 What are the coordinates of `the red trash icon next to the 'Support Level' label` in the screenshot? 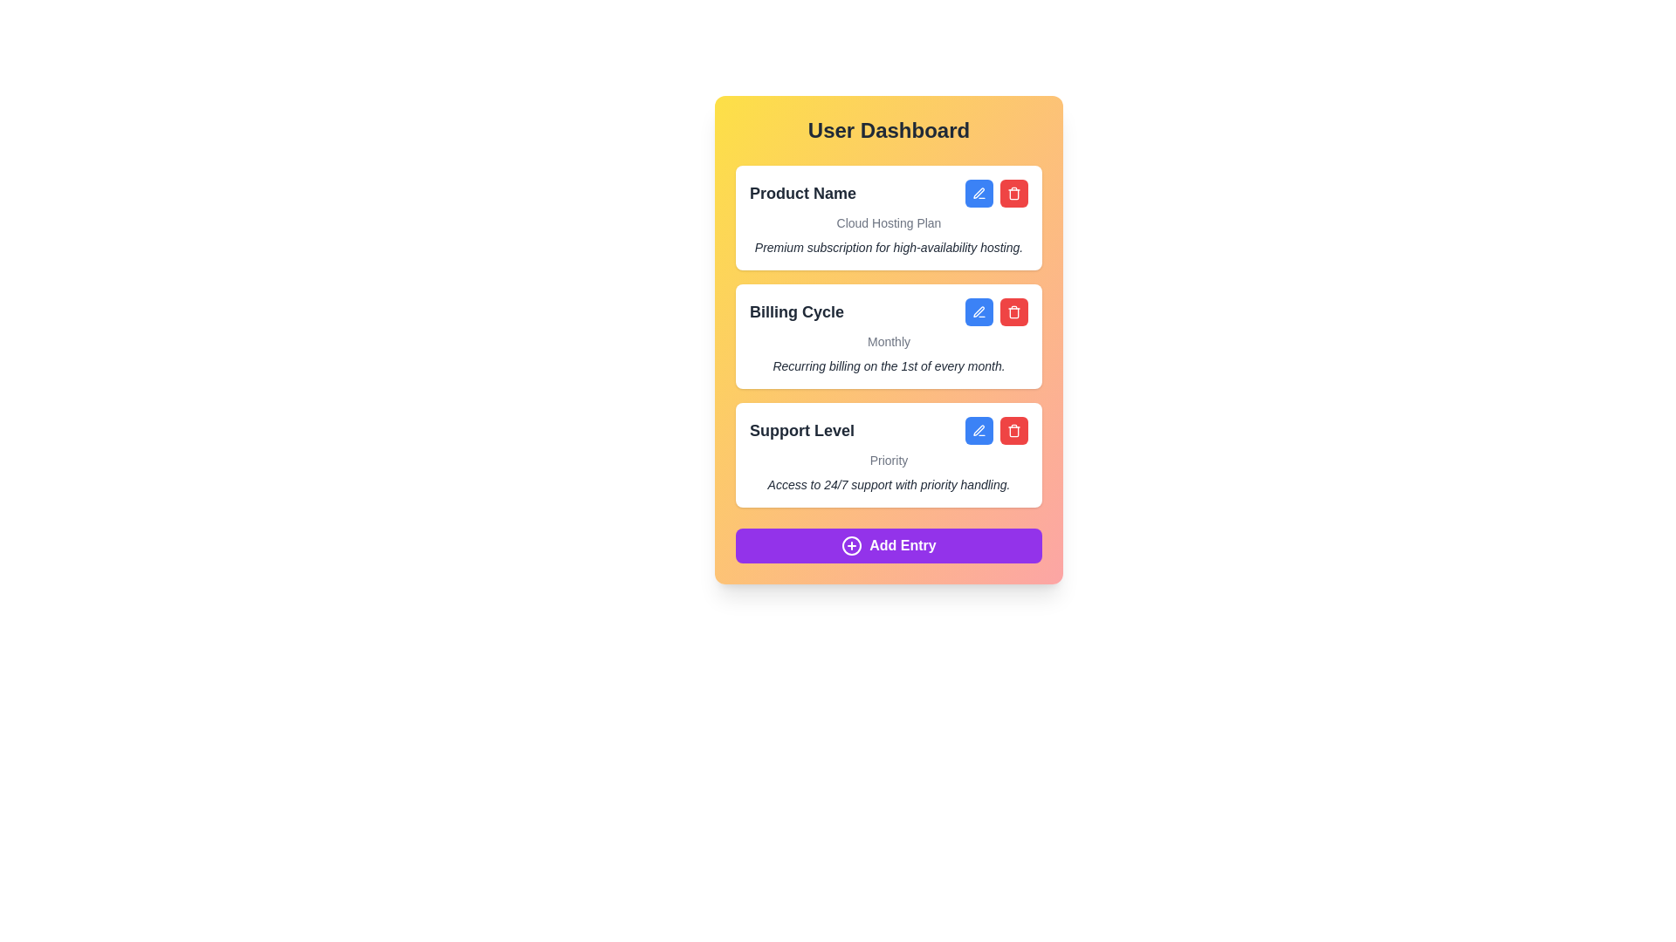 It's located at (889, 430).